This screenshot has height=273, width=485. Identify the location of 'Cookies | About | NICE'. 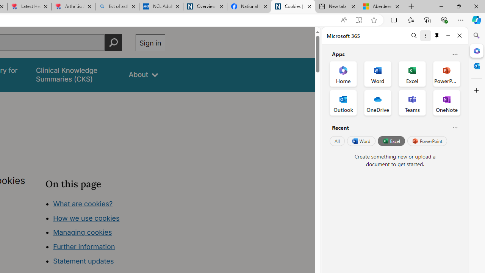
(293, 6).